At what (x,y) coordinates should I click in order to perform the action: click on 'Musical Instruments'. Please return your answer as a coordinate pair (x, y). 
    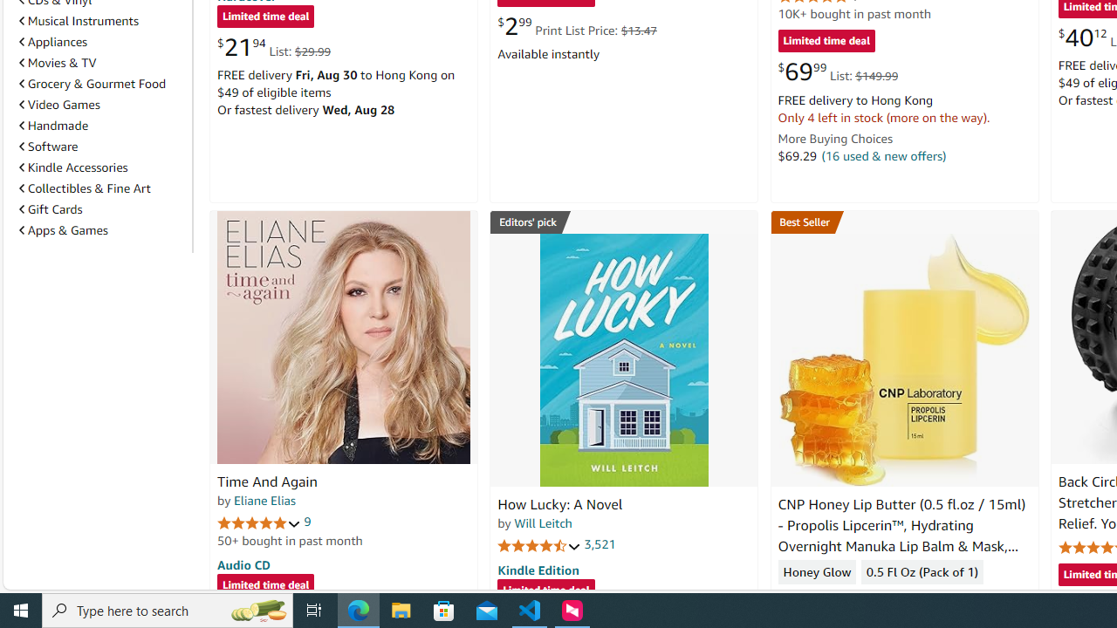
    Looking at the image, I should click on (101, 20).